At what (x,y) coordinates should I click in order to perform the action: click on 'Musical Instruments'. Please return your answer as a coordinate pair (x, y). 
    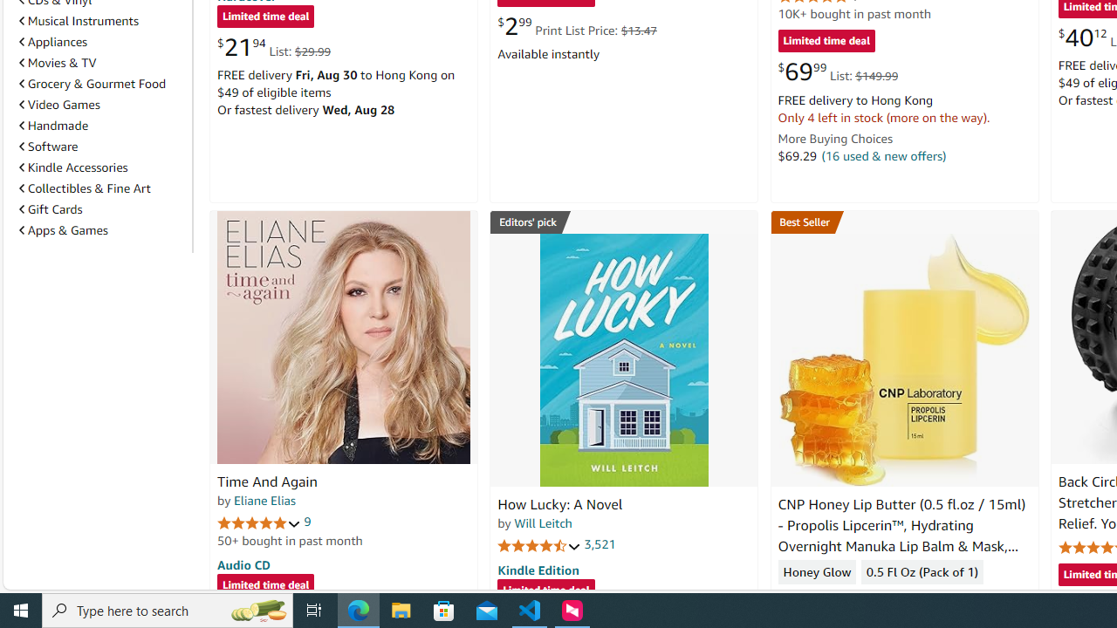
    Looking at the image, I should click on (101, 20).